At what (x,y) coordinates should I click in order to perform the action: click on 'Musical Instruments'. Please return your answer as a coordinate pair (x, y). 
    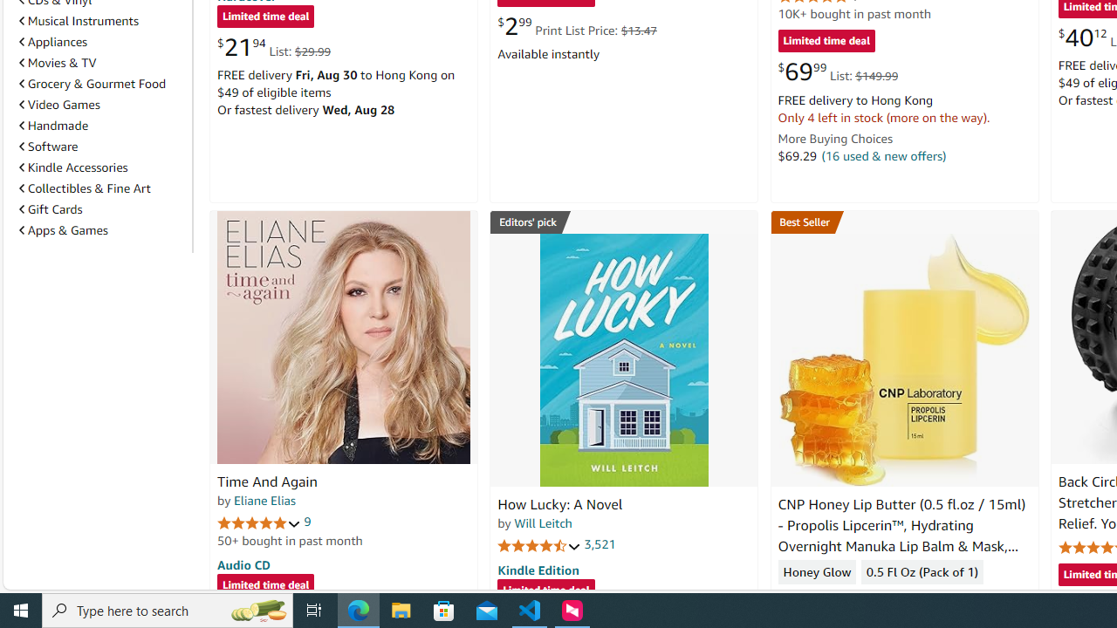
    Looking at the image, I should click on (101, 20).